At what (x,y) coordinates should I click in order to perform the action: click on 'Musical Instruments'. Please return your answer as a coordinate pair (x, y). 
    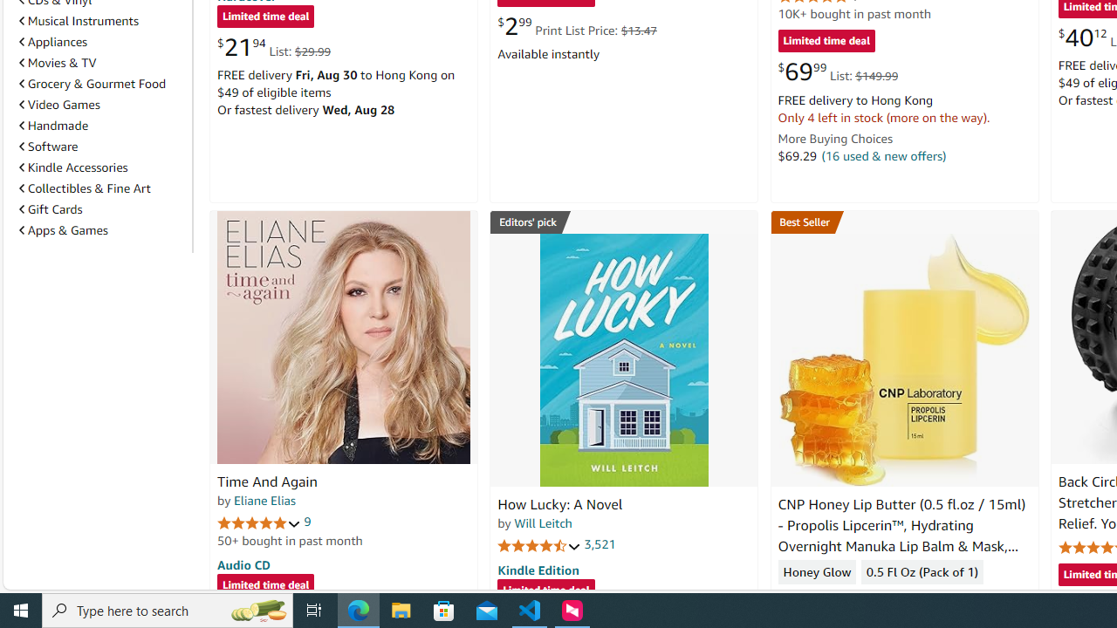
    Looking at the image, I should click on (101, 20).